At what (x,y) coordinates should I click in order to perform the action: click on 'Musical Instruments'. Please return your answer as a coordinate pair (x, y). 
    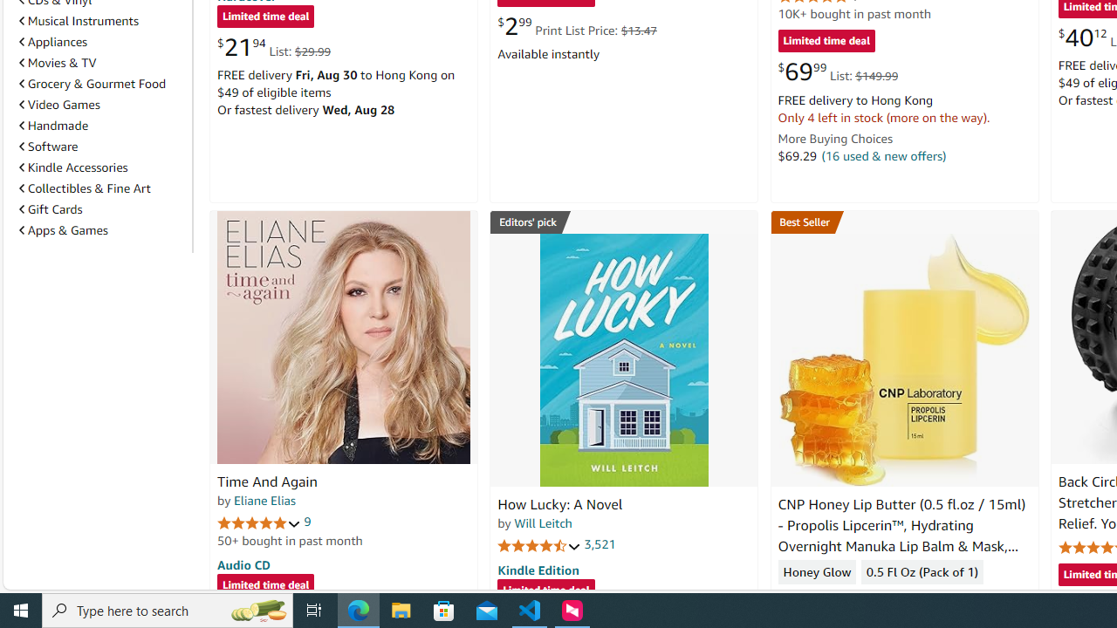
    Looking at the image, I should click on (101, 20).